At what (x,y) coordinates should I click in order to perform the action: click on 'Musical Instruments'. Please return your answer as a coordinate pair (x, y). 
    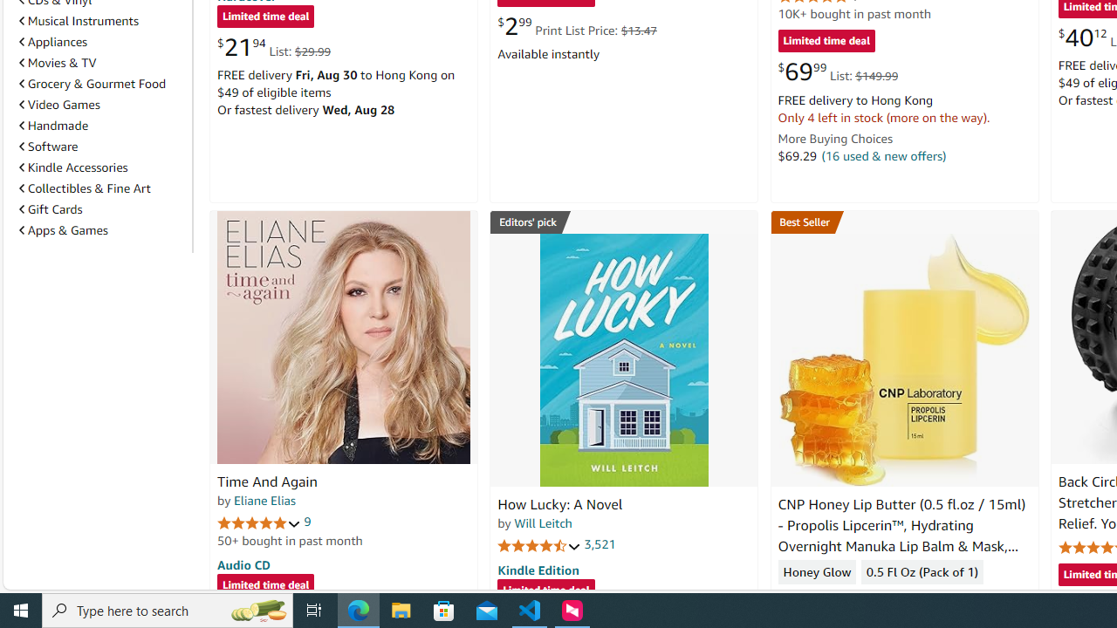
    Looking at the image, I should click on (101, 20).